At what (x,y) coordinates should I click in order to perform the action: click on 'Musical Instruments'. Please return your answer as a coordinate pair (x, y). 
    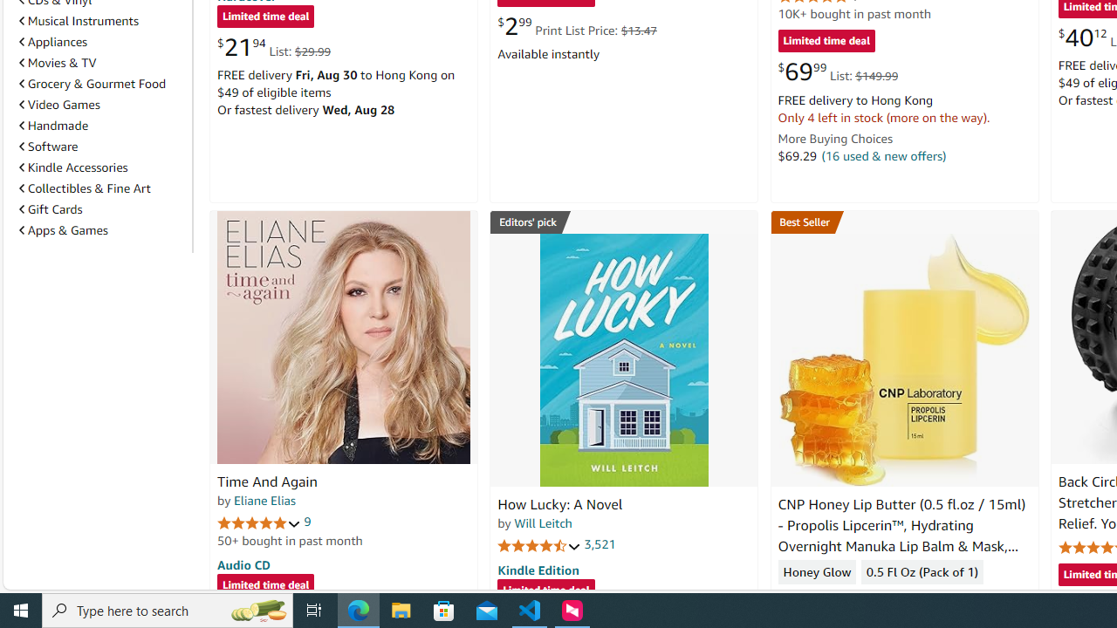
    Looking at the image, I should click on (101, 20).